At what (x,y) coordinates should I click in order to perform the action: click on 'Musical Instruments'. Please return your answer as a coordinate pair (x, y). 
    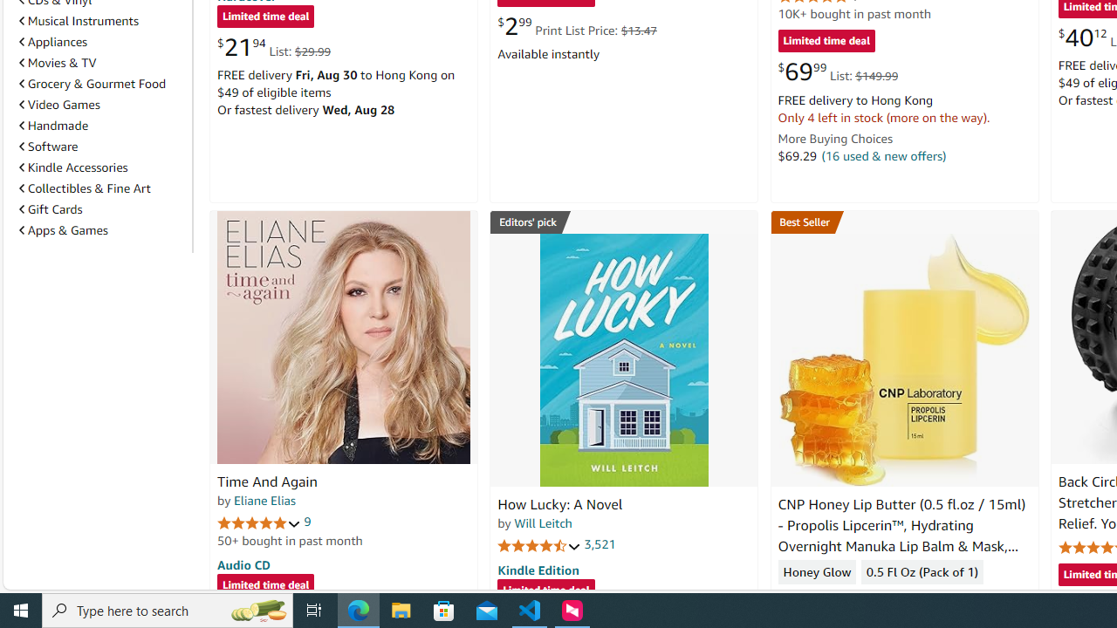
    Looking at the image, I should click on (101, 20).